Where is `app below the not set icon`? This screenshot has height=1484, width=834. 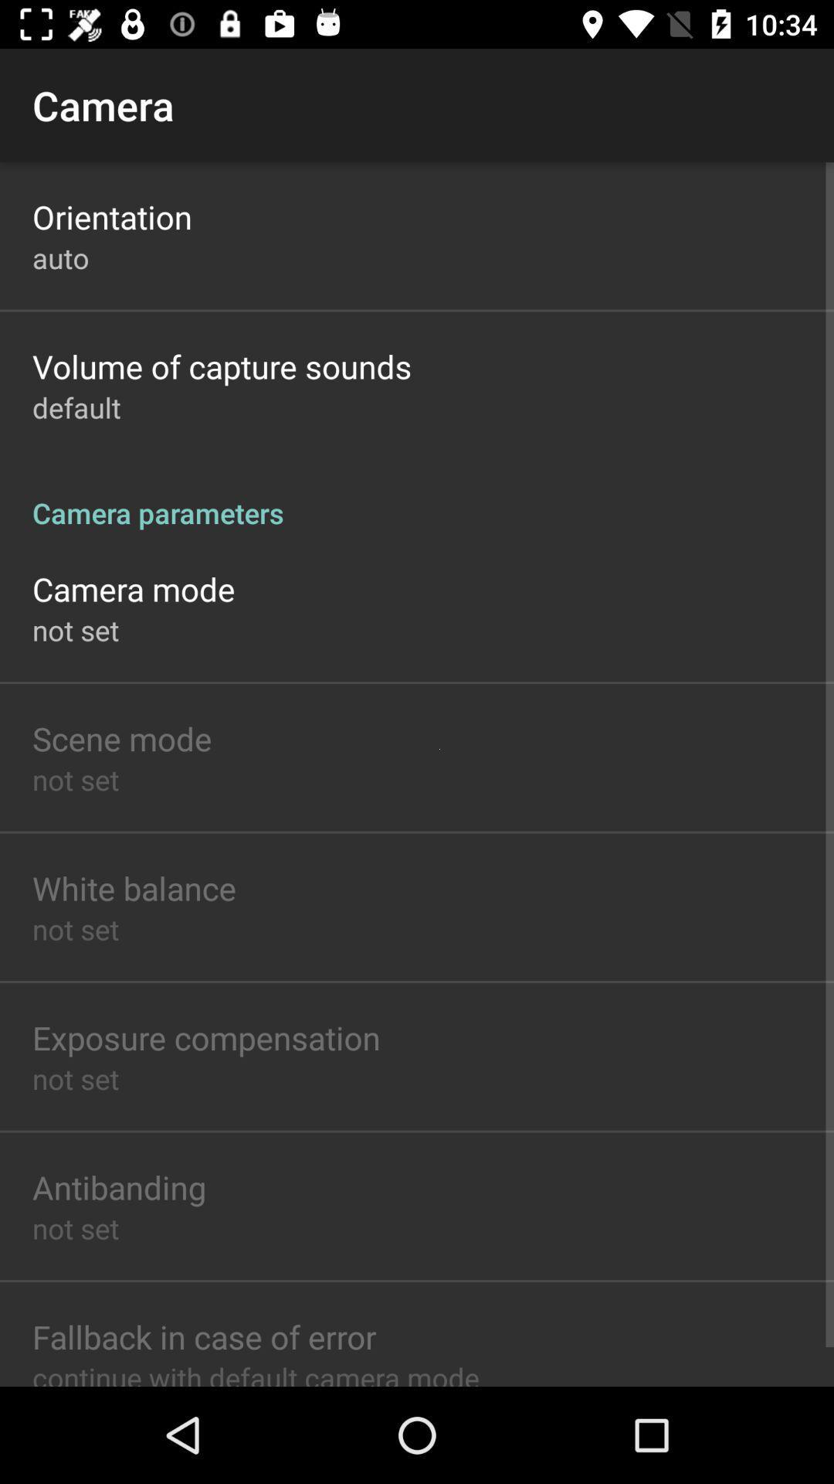
app below the not set icon is located at coordinates (203, 1336).